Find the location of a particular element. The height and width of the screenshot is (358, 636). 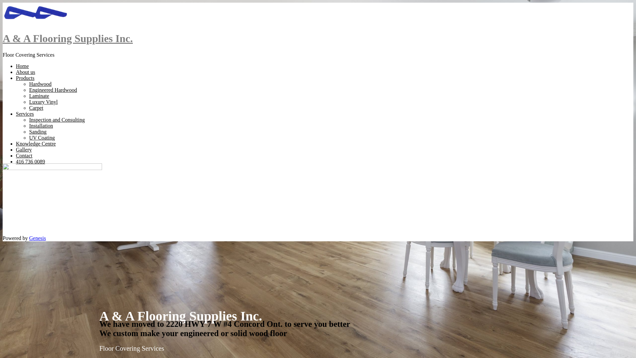

'Carpet' is located at coordinates (36, 107).